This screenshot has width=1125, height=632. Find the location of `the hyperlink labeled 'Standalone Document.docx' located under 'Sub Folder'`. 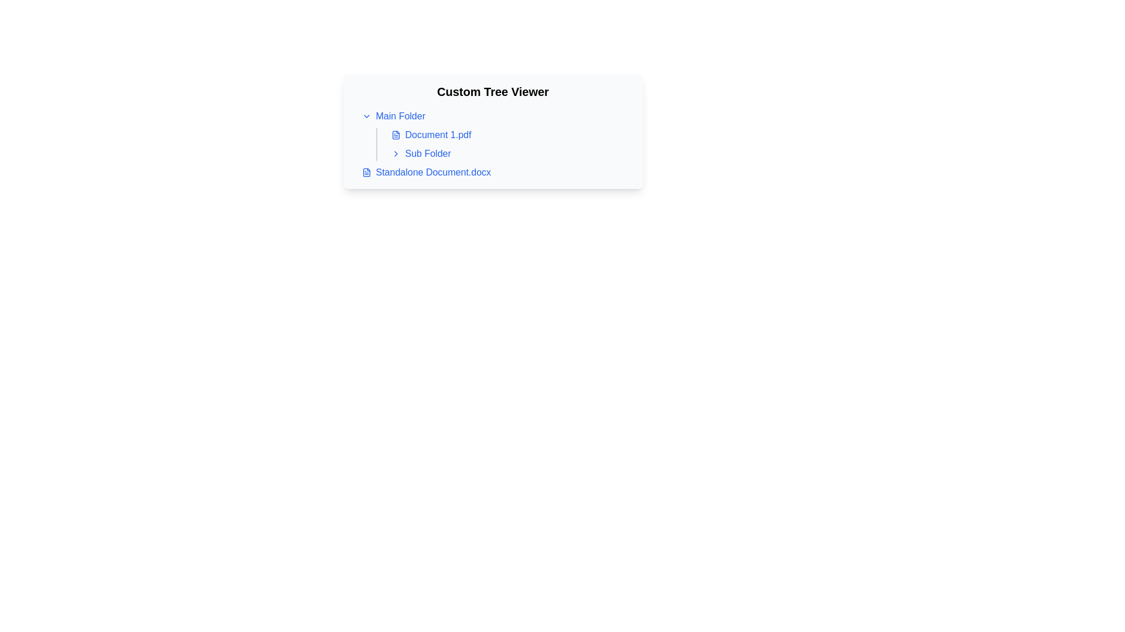

the hyperlink labeled 'Standalone Document.docx' located under 'Sub Folder' is located at coordinates (432, 172).